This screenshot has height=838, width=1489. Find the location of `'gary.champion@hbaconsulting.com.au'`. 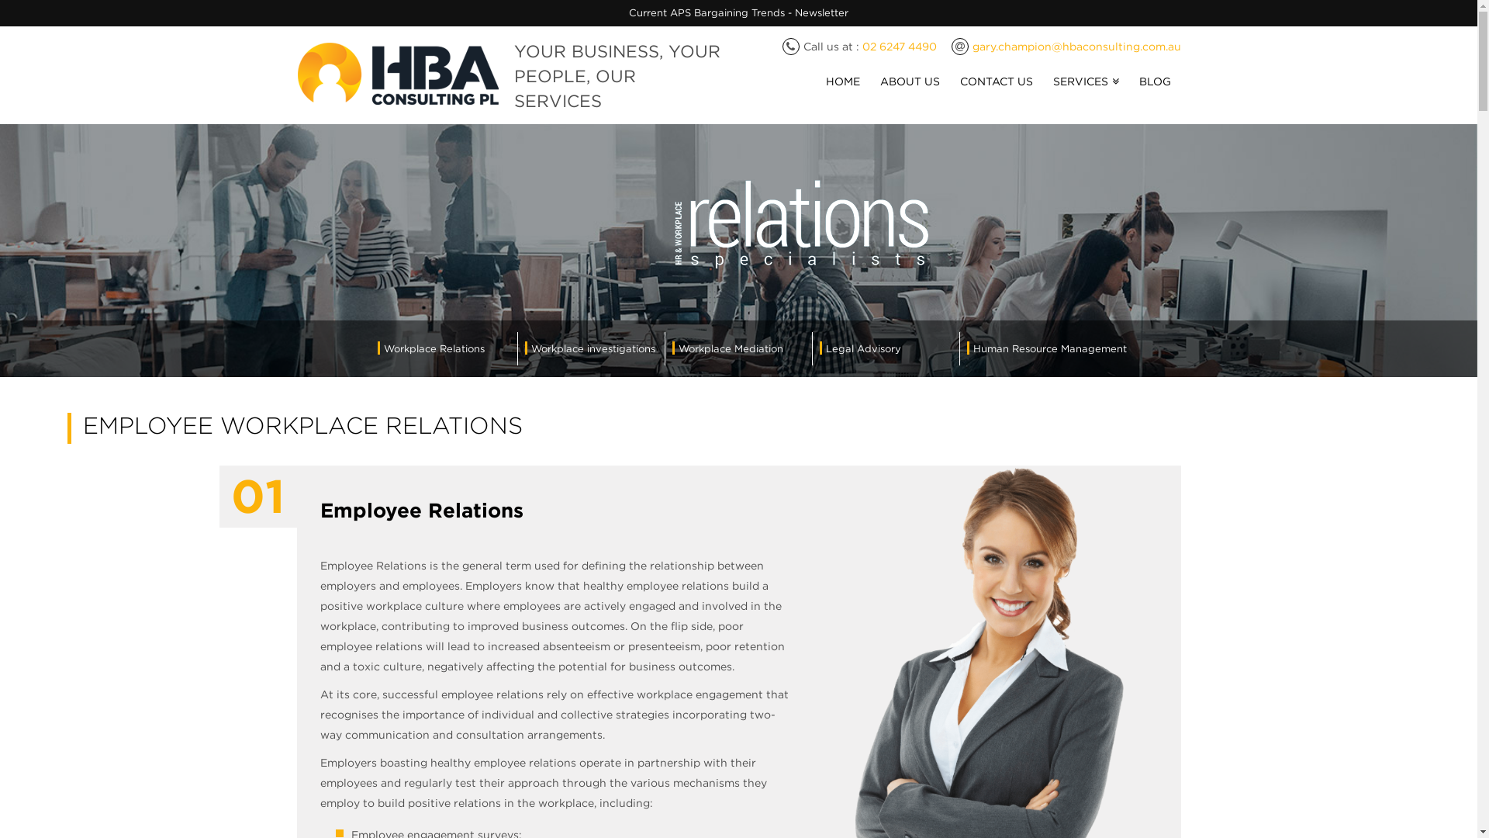

'gary.champion@hbaconsulting.com.au' is located at coordinates (1076, 46).